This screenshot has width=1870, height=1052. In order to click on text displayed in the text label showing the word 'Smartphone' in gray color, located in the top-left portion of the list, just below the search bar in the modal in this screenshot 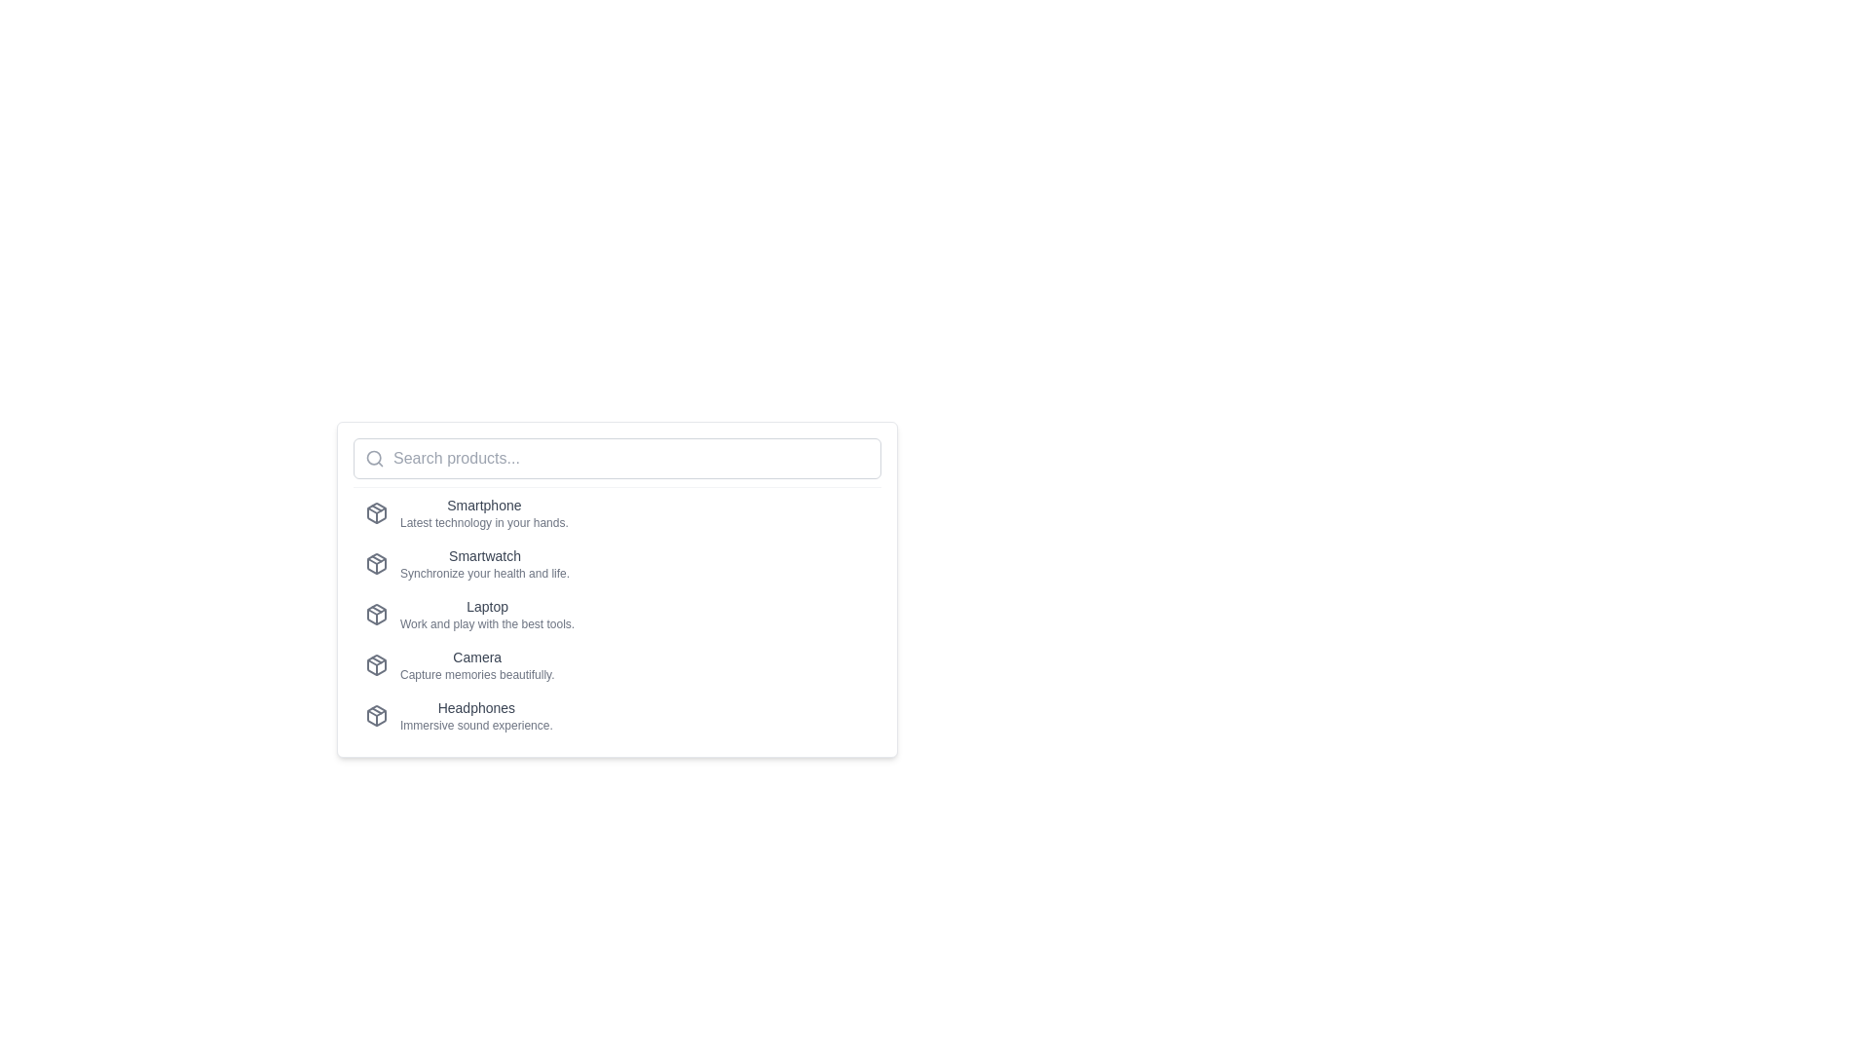, I will do `click(484, 505)`.